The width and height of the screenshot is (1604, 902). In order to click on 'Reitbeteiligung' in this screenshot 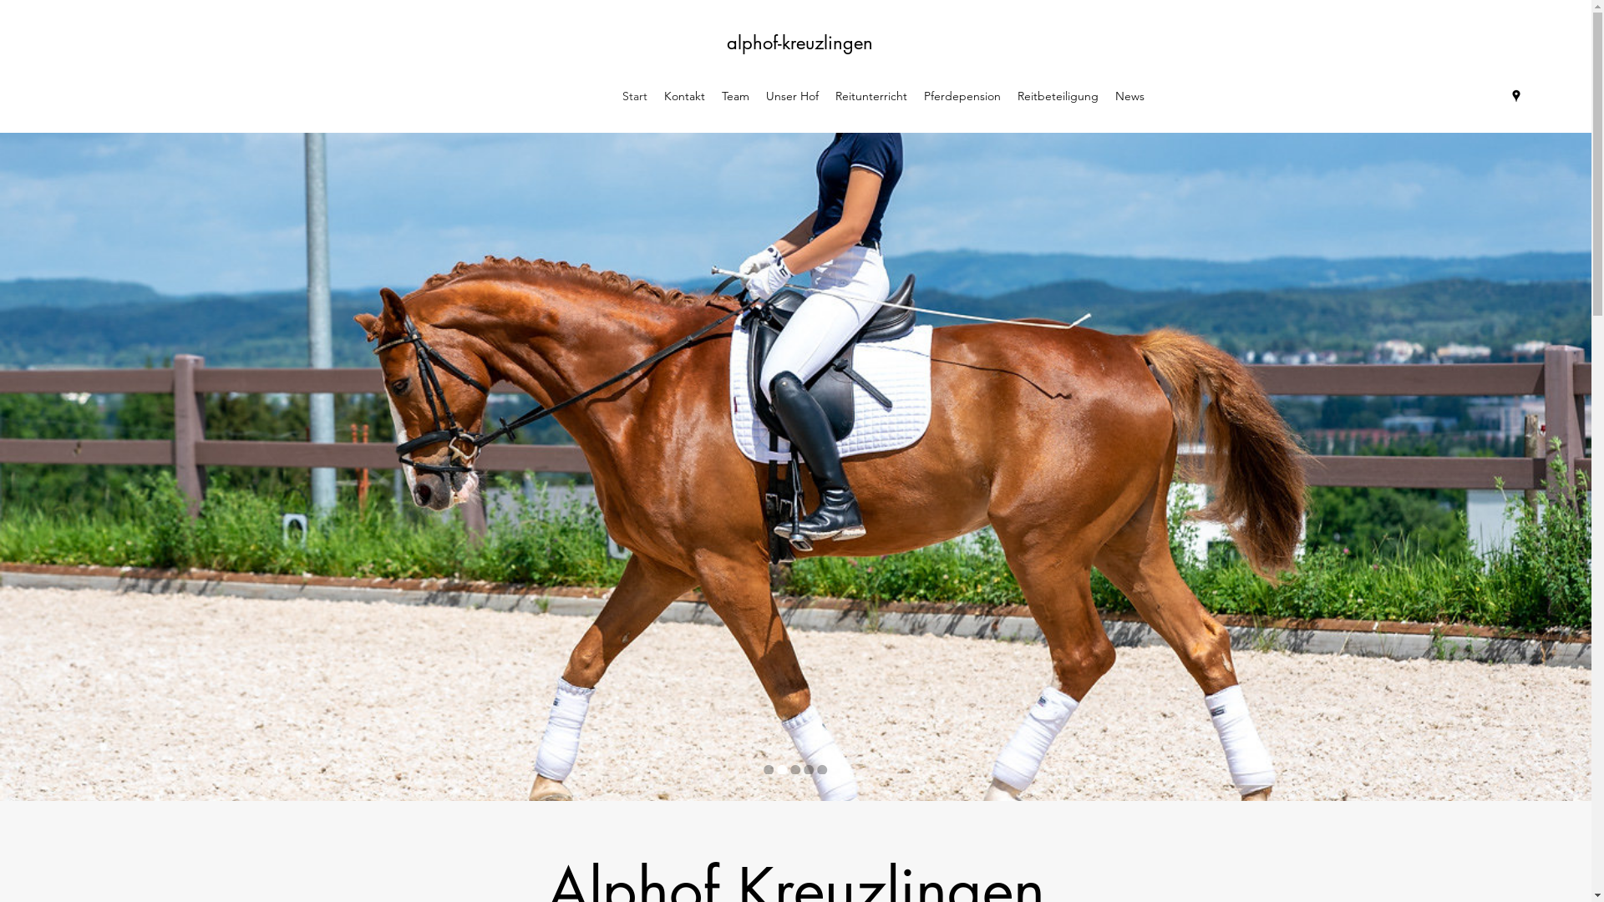, I will do `click(1057, 96)`.